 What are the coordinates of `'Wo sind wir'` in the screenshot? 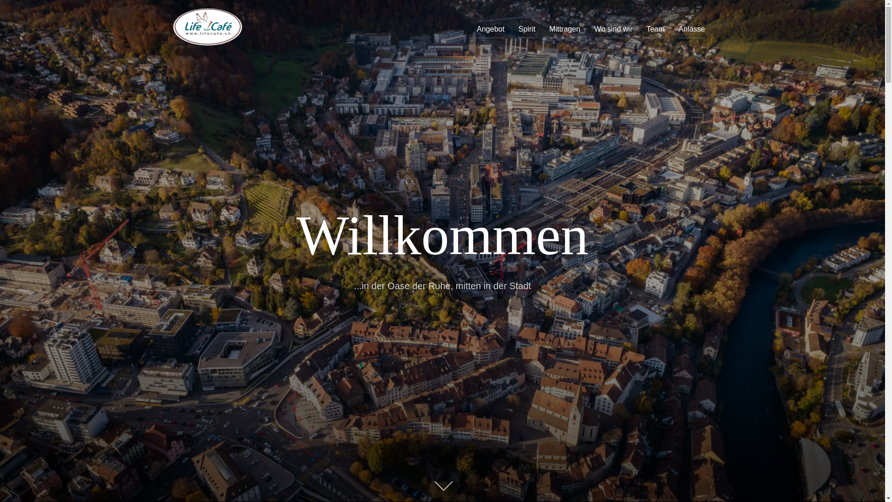 It's located at (593, 28).